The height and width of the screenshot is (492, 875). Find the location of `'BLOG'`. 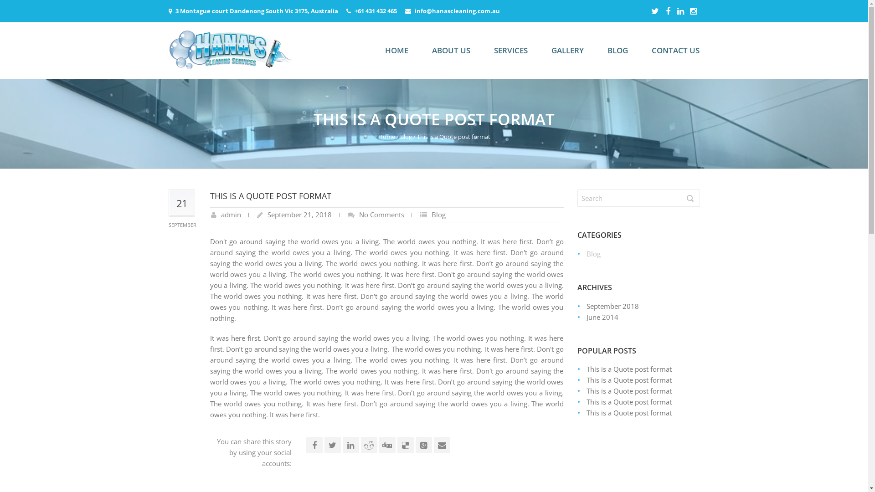

'BLOG' is located at coordinates (618, 50).